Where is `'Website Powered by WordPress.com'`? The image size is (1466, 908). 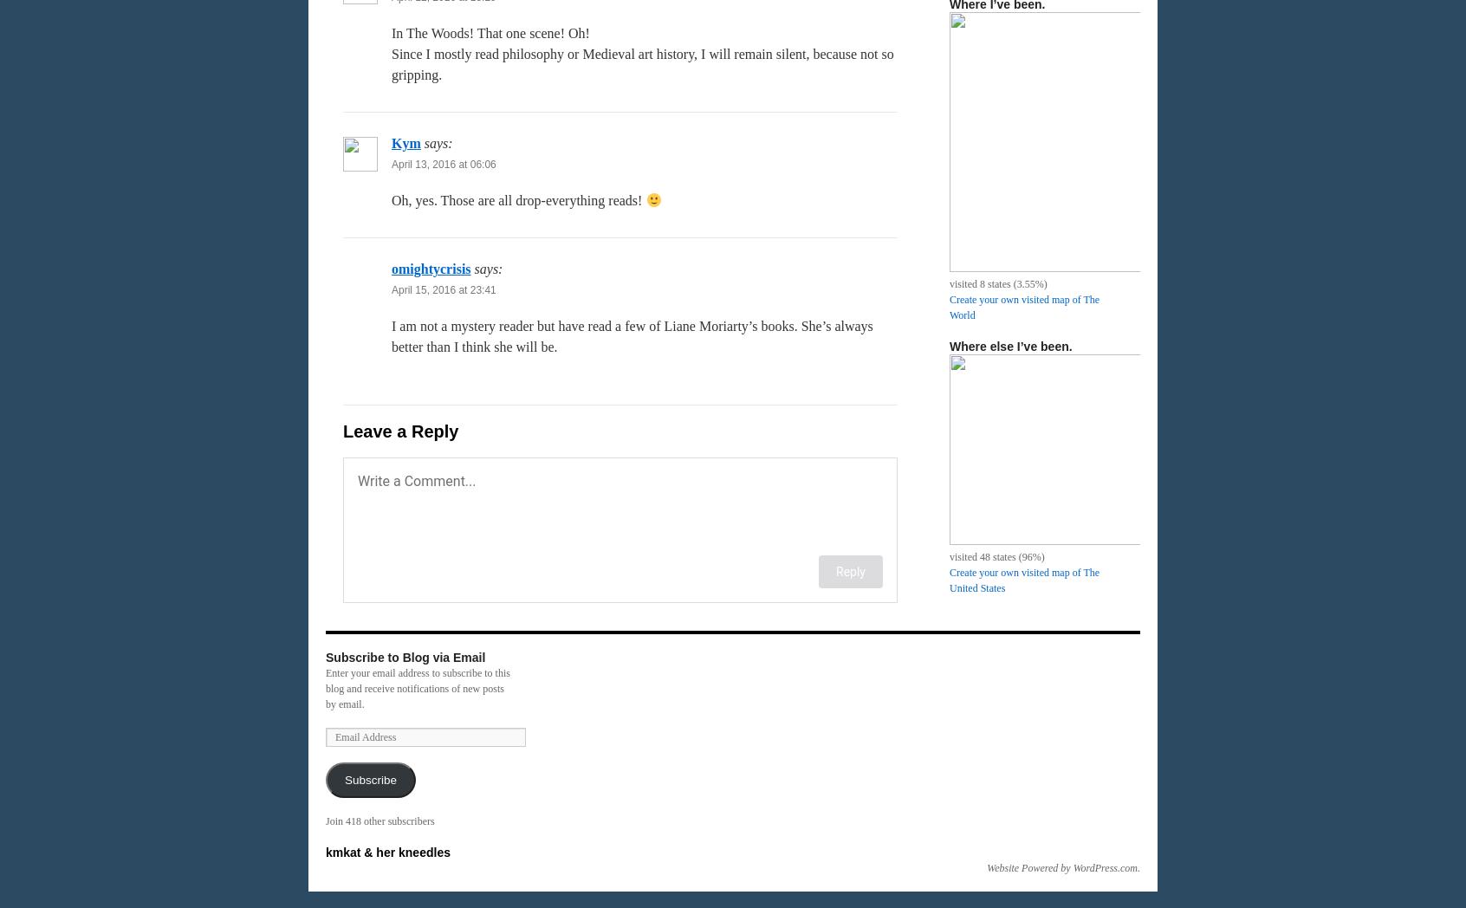
'Website Powered by WordPress.com' is located at coordinates (1062, 866).